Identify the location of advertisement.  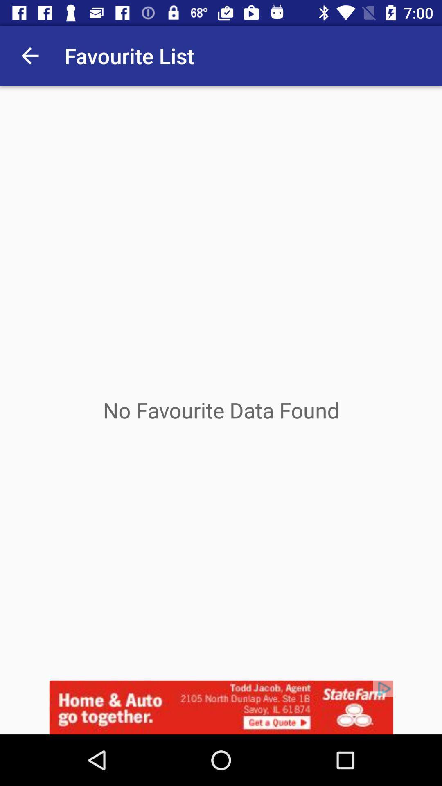
(221, 707).